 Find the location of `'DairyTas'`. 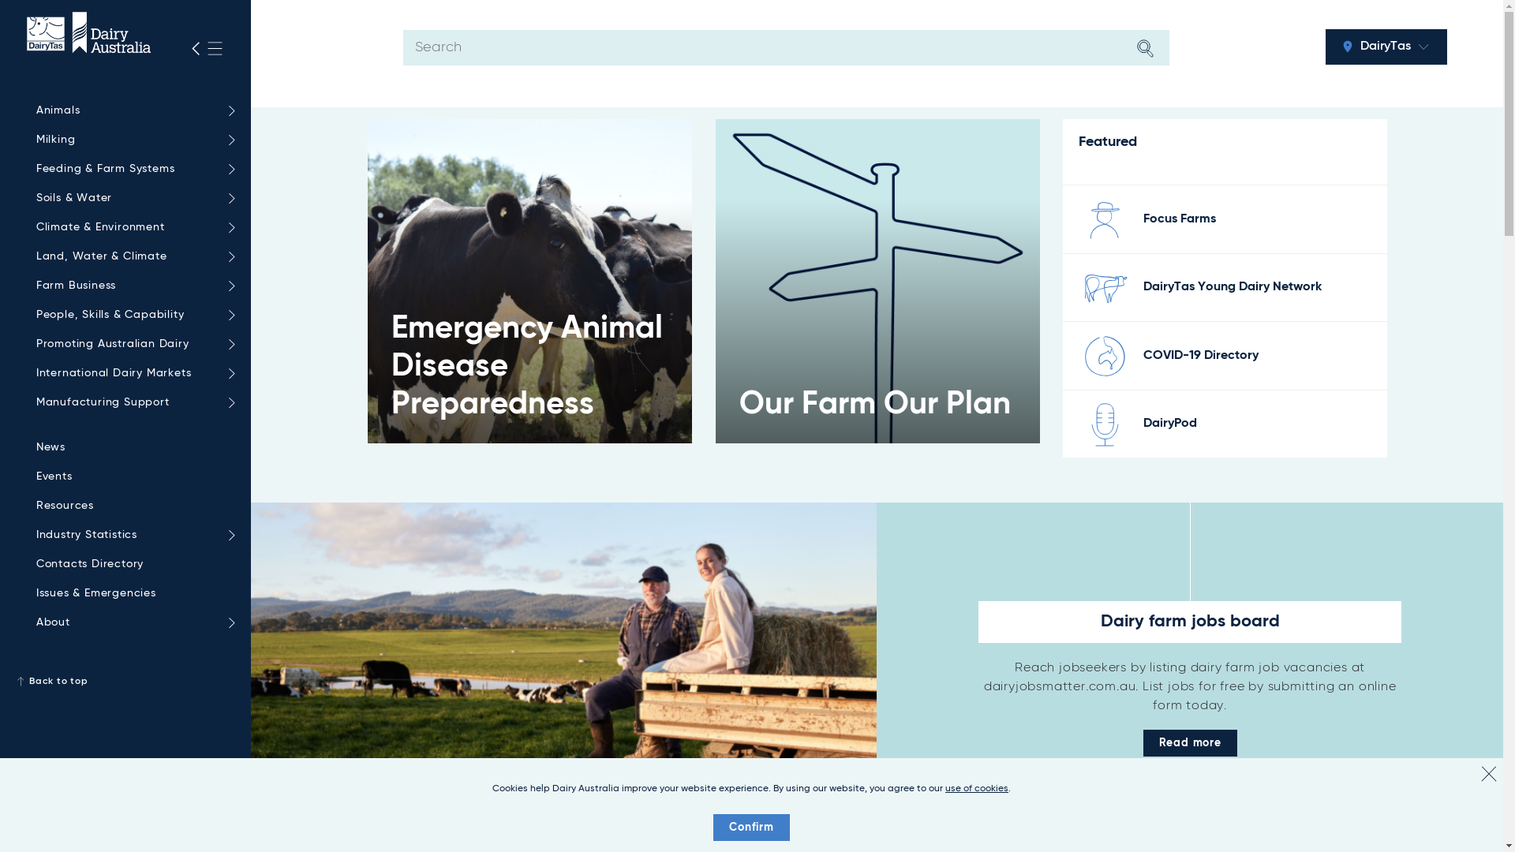

'DairyTas' is located at coordinates (1385, 46).